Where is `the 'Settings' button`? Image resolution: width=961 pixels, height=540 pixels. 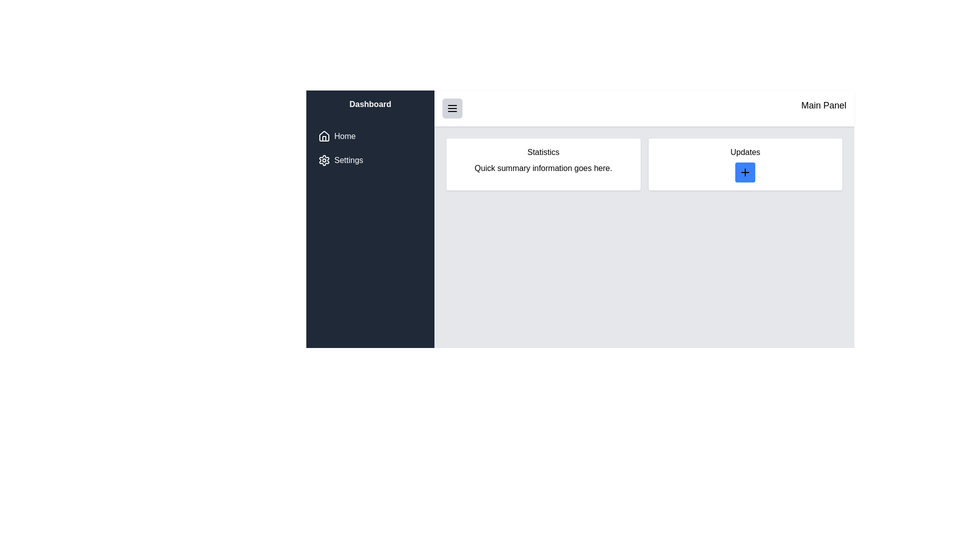
the 'Settings' button is located at coordinates (369, 159).